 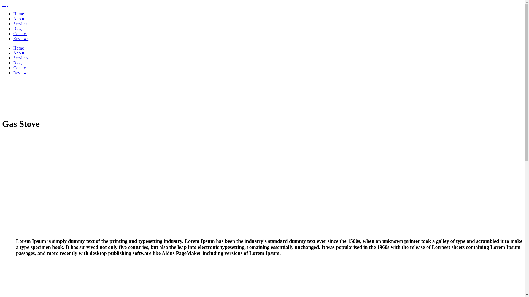 What do you see at coordinates (21, 72) in the screenshot?
I see `'Reviews'` at bounding box center [21, 72].